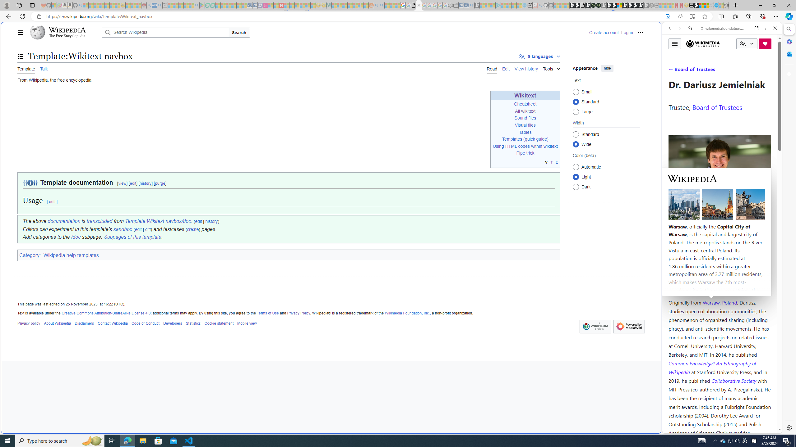 The height and width of the screenshot is (447, 796). Describe the element at coordinates (525, 95) in the screenshot. I see `'Wikitext'` at that location.